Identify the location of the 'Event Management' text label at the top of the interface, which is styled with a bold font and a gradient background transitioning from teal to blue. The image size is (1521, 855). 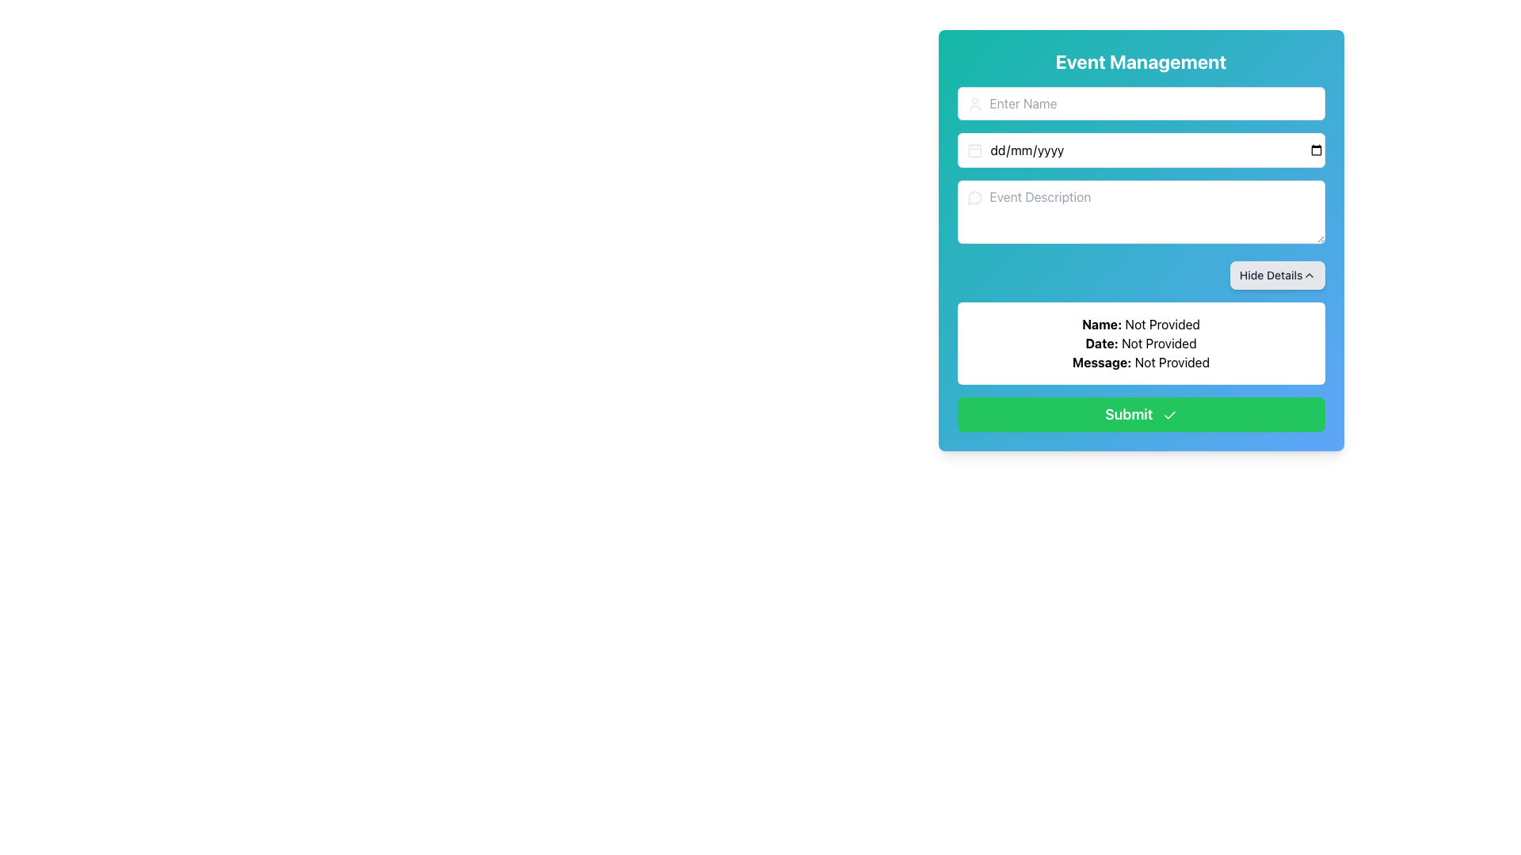
(1141, 60).